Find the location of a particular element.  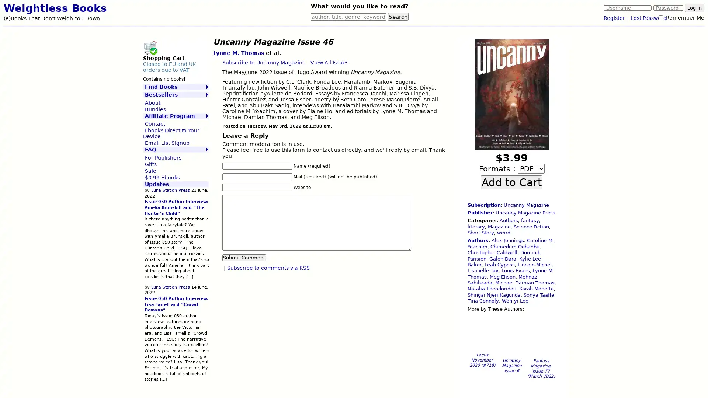

Submit Comment is located at coordinates (244, 257).